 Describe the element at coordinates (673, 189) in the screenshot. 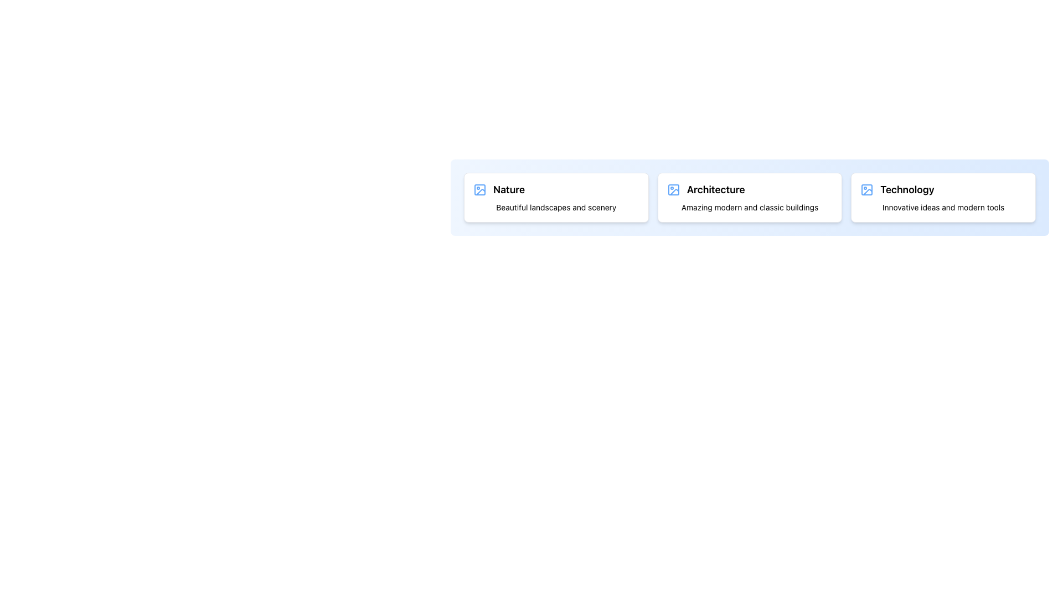

I see `the SVG Icon that represents the 'Architecture' section, located at the top-left of the 'Architecture' card, preceding the text 'Architecture'` at that location.